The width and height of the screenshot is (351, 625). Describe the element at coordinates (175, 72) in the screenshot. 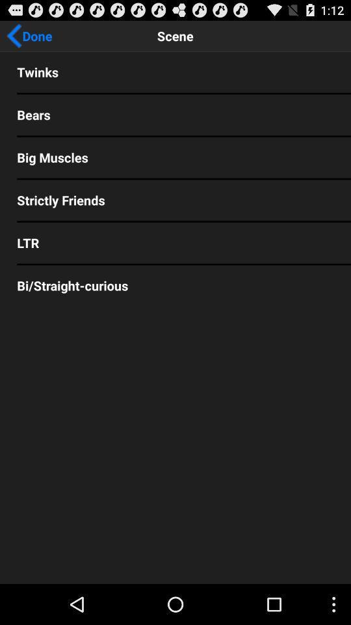

I see `twinks` at that location.